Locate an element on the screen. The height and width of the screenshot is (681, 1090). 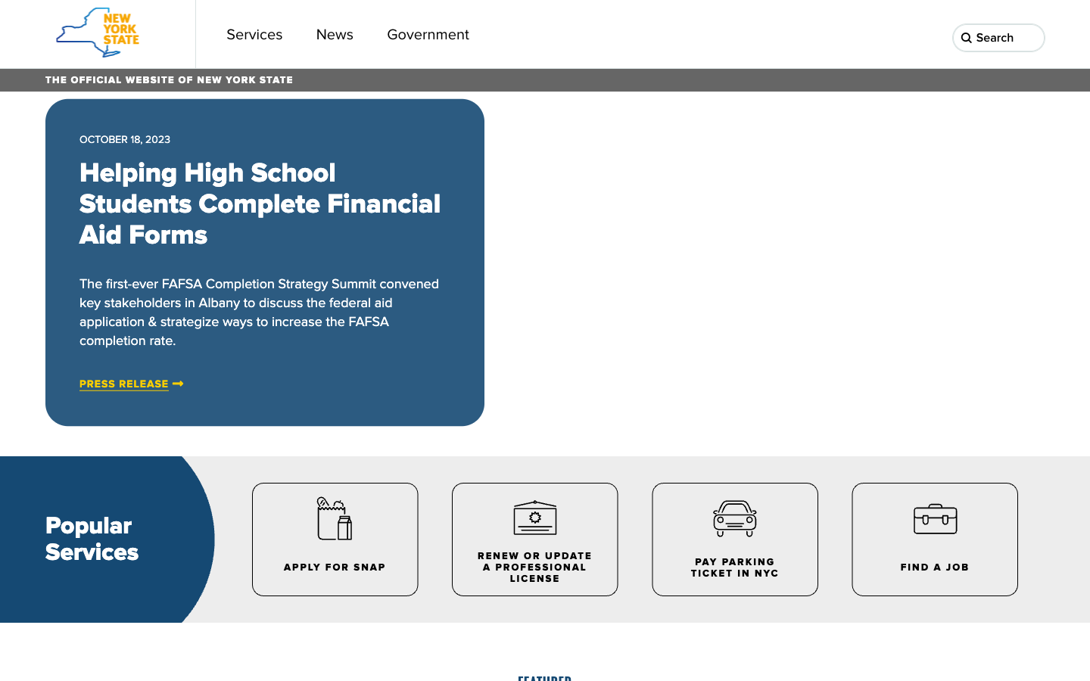
the press release section on the website is located at coordinates (178760, 346288).